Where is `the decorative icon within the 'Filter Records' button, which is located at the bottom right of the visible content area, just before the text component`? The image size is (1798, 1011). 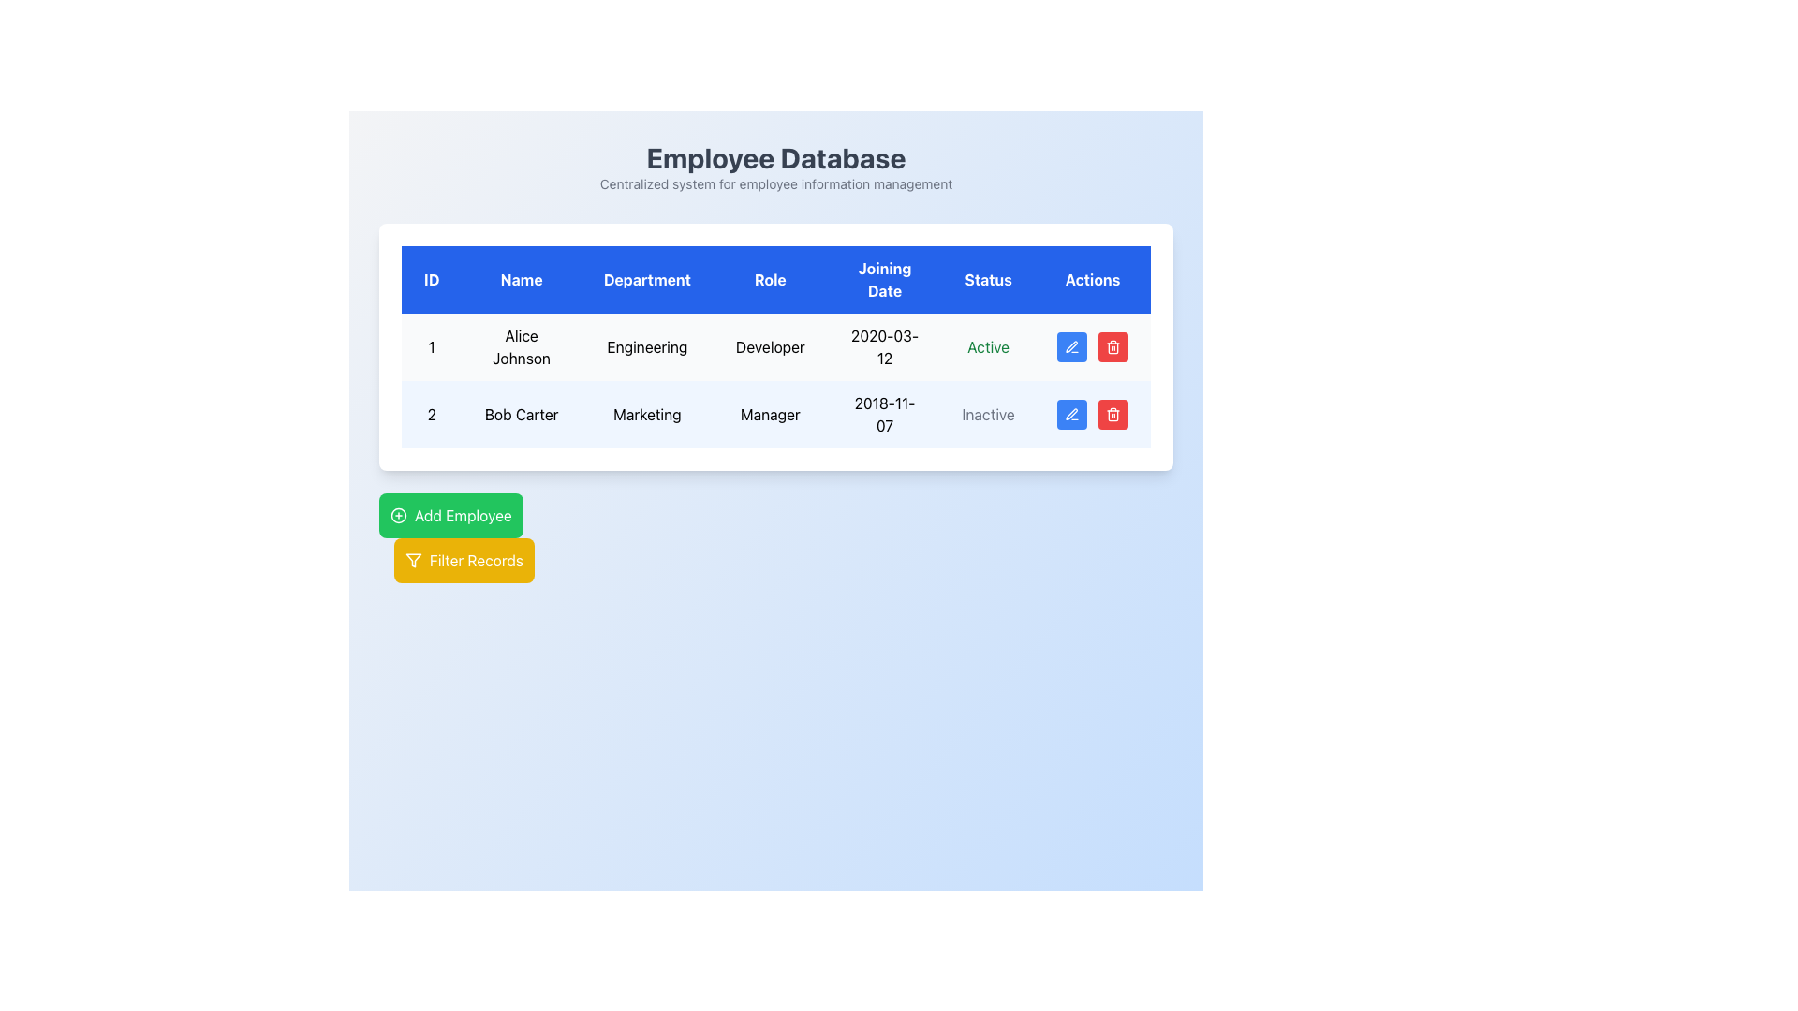
the decorative icon within the 'Filter Records' button, which is located at the bottom right of the visible content area, just before the text component is located at coordinates (412, 559).